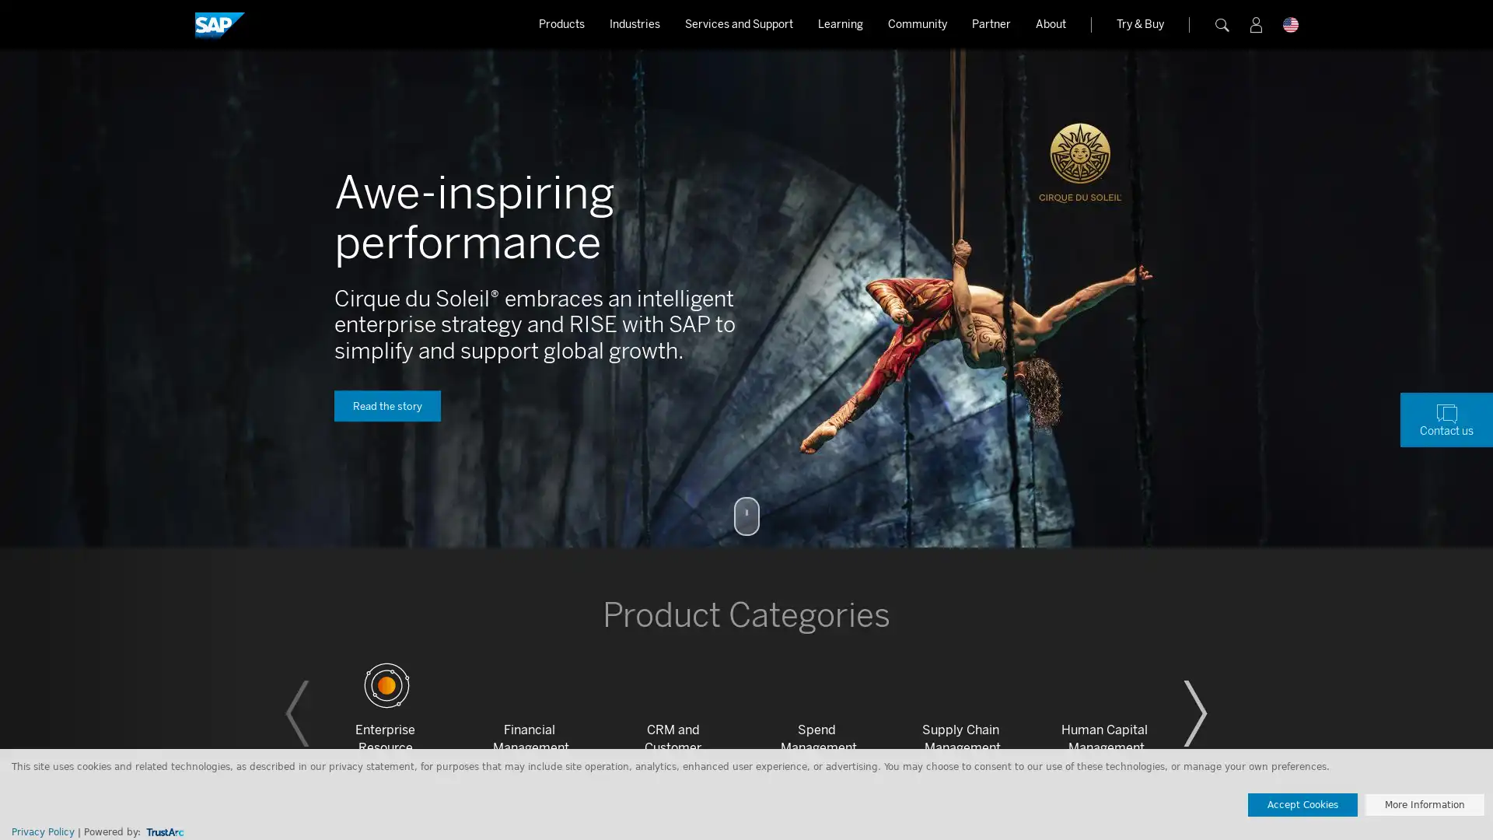 Image resolution: width=1493 pixels, height=840 pixels. Describe the element at coordinates (1302, 804) in the screenshot. I see `Accept Cookies` at that location.